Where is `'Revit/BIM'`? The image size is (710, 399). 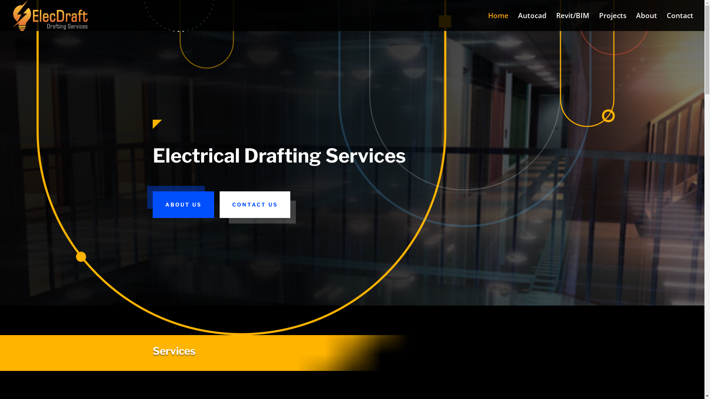 'Revit/BIM' is located at coordinates (572, 21).